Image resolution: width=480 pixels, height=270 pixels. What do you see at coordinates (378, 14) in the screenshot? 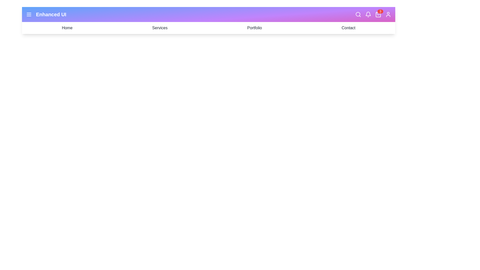
I see `shopping bag icon to toggle the shopping cart view` at bounding box center [378, 14].